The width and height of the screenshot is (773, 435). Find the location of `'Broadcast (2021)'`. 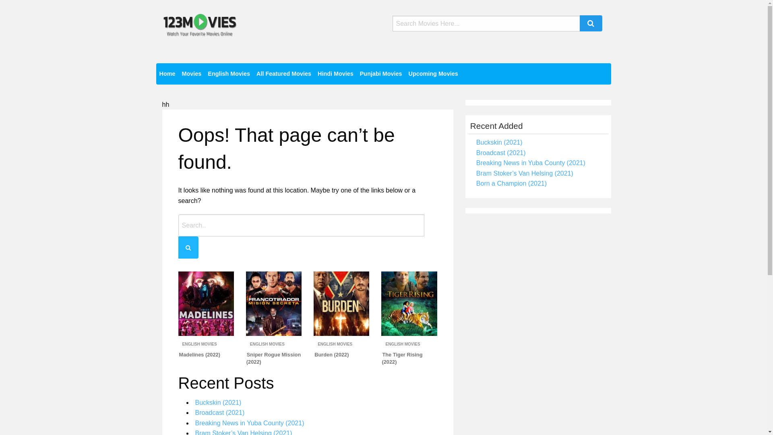

'Broadcast (2021)' is located at coordinates (219, 412).